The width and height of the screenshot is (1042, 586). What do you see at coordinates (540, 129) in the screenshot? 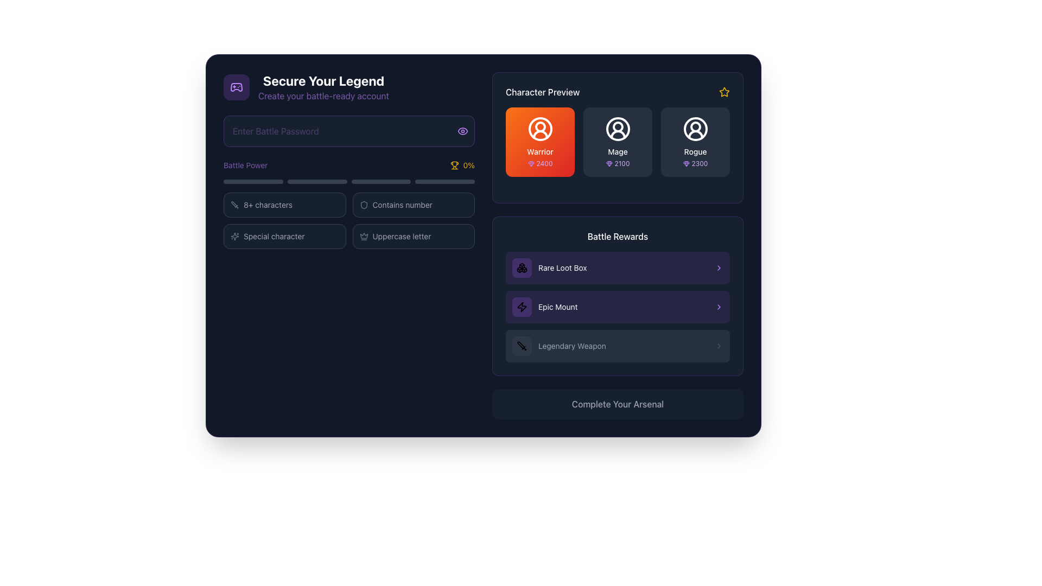
I see `the SVG icon of a user symbol, which is styled in white against a radiant orange-to-red gradient background, located centrally within the 'Warrior 2400' card in the 'Character Preview' section` at bounding box center [540, 129].